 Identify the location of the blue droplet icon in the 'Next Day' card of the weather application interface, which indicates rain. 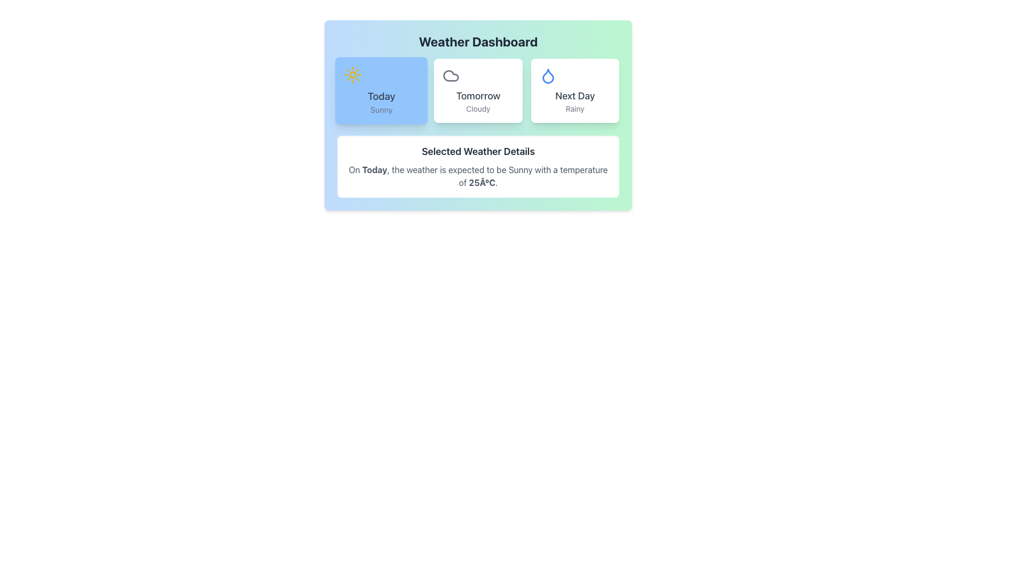
(548, 75).